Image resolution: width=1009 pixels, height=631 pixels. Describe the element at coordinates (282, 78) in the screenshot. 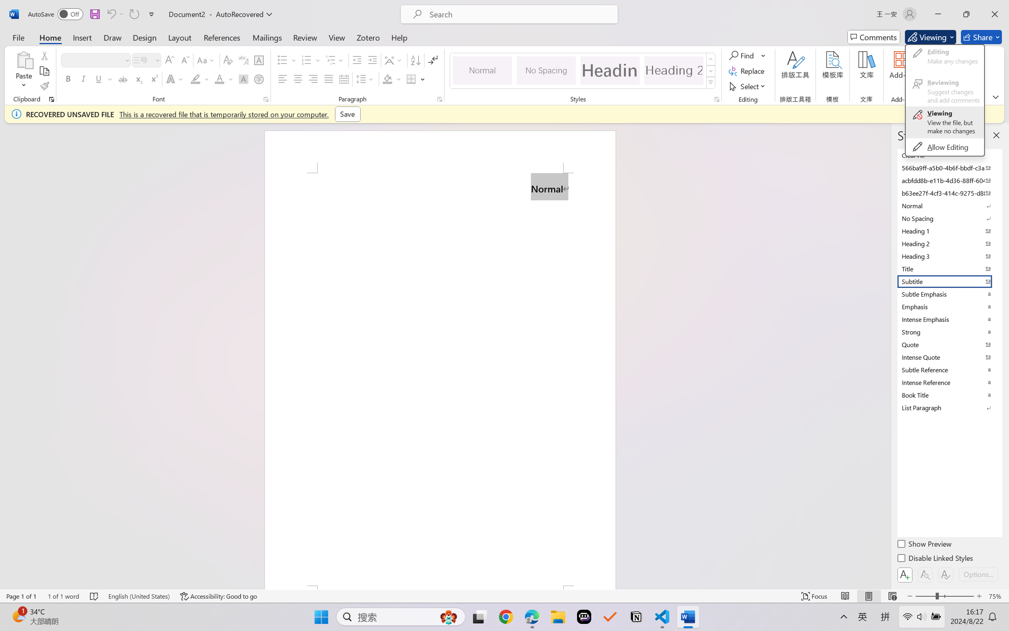

I see `'Align Left'` at that location.